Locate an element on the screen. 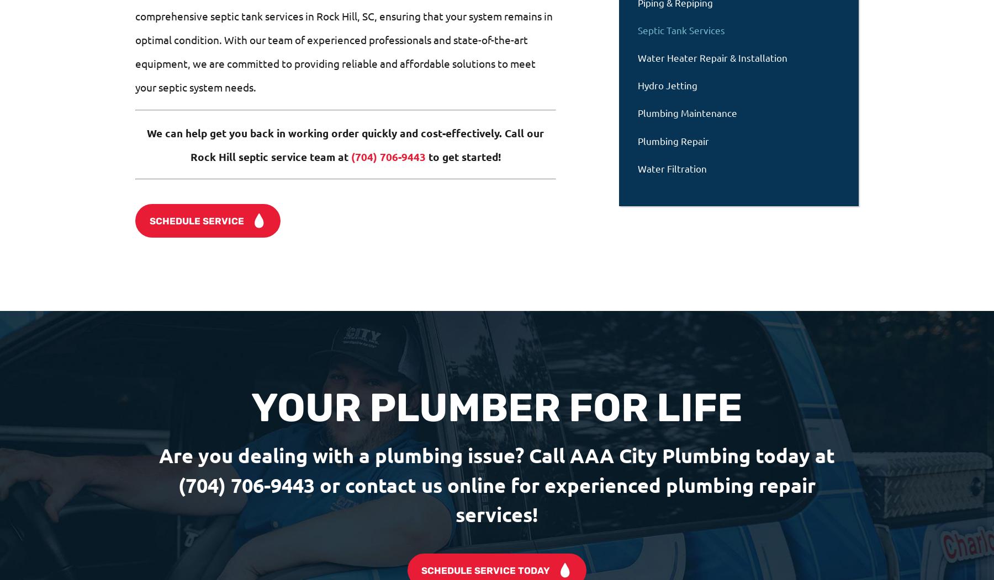 This screenshot has height=580, width=994. 'Contact' is located at coordinates (165, 527).